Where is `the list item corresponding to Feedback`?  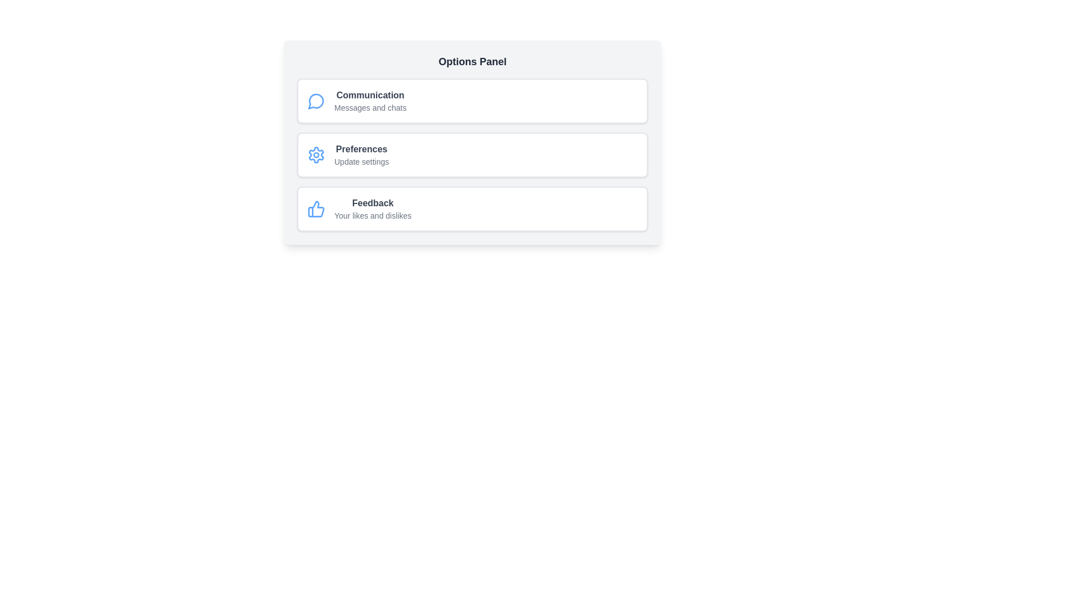
the list item corresponding to Feedback is located at coordinates (472, 209).